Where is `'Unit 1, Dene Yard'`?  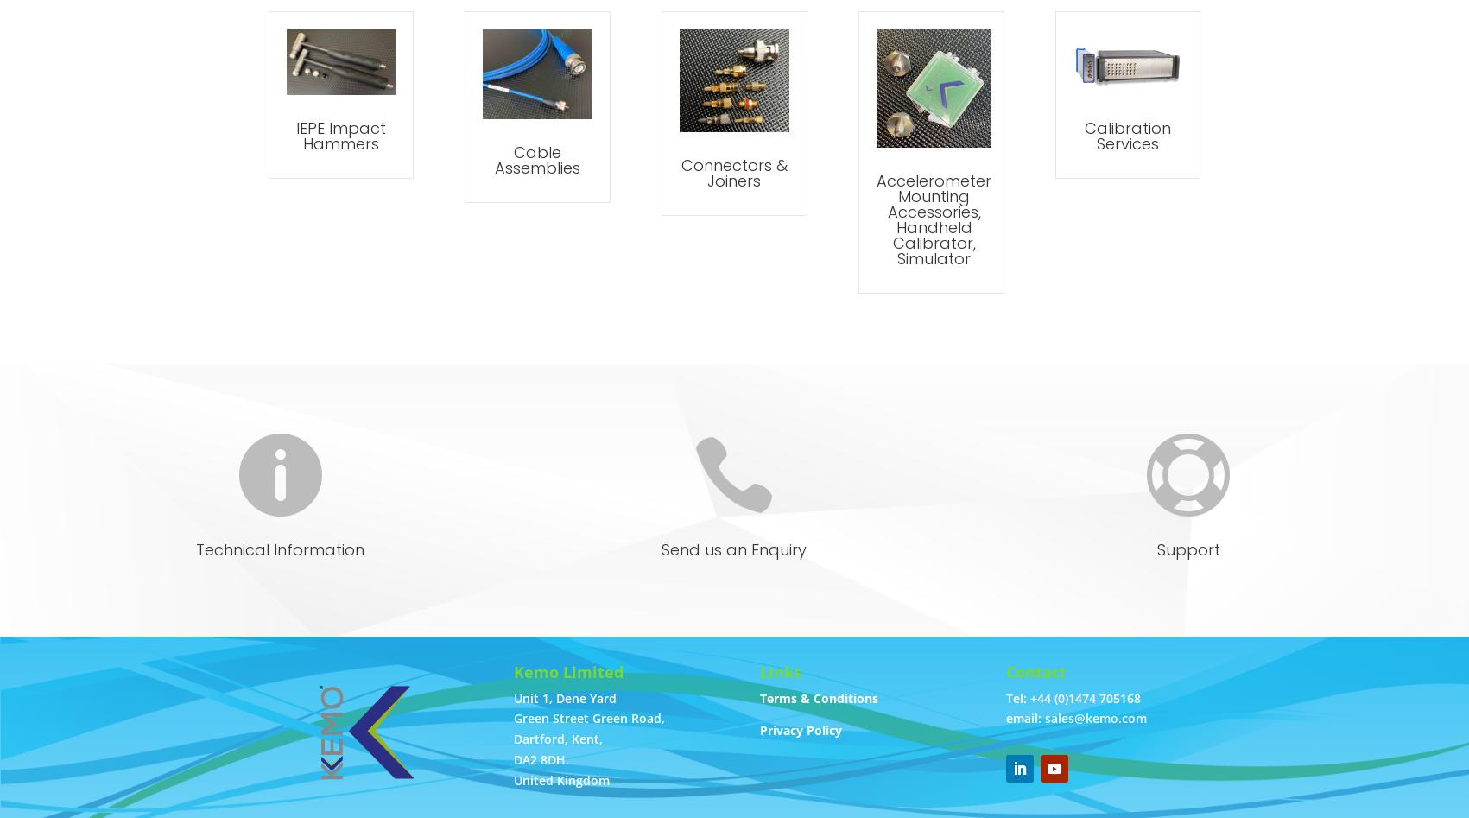
'Unit 1, Dene Yard' is located at coordinates (564, 697).